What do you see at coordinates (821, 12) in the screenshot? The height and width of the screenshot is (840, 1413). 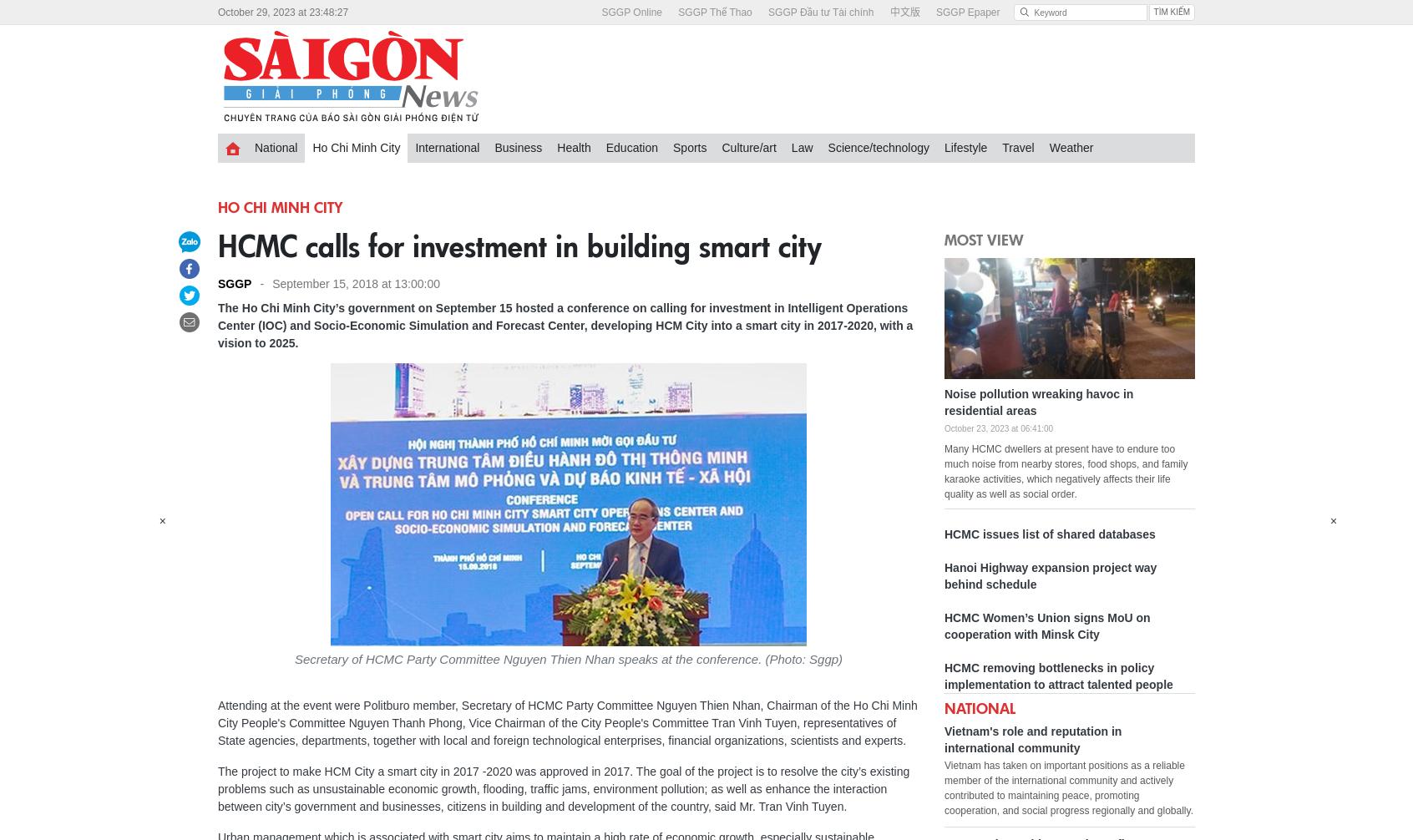 I see `'SGGP Đầu tư Tài chính'` at bounding box center [821, 12].